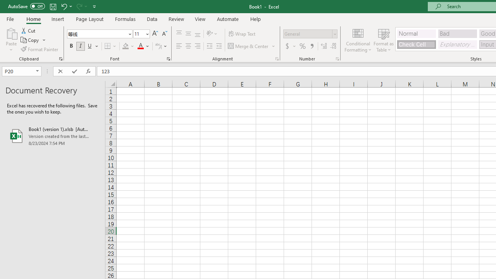 This screenshot has height=279, width=496. What do you see at coordinates (307, 33) in the screenshot?
I see `'Number Format'` at bounding box center [307, 33].